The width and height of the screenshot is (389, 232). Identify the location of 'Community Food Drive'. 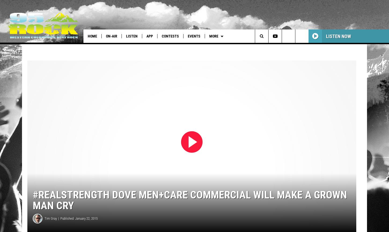
(239, 47).